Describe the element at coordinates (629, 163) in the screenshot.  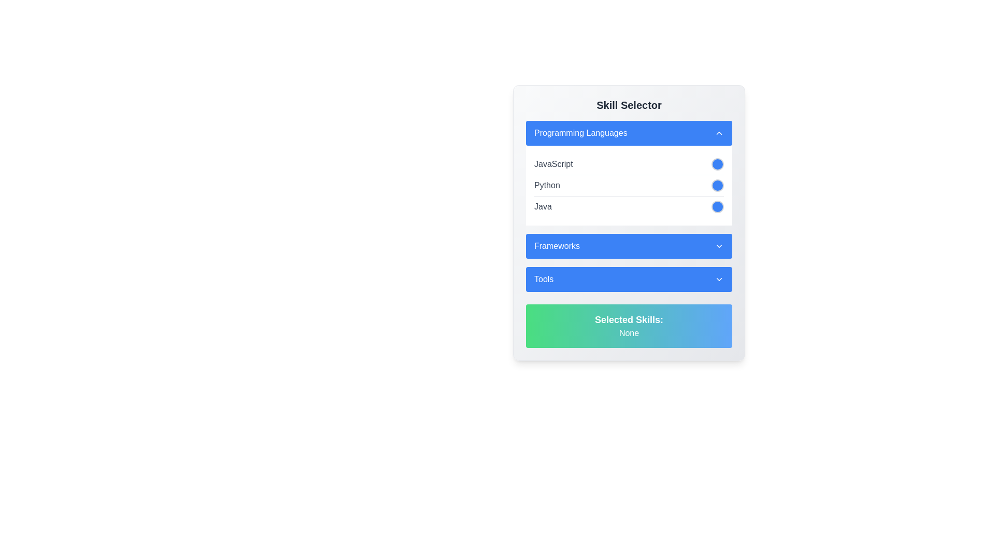
I see `the toggle button for the 'JavaScript' programming language, which is the first item in the list within the 'Programming Languages' section of the 'Skill Selector' interface` at that location.